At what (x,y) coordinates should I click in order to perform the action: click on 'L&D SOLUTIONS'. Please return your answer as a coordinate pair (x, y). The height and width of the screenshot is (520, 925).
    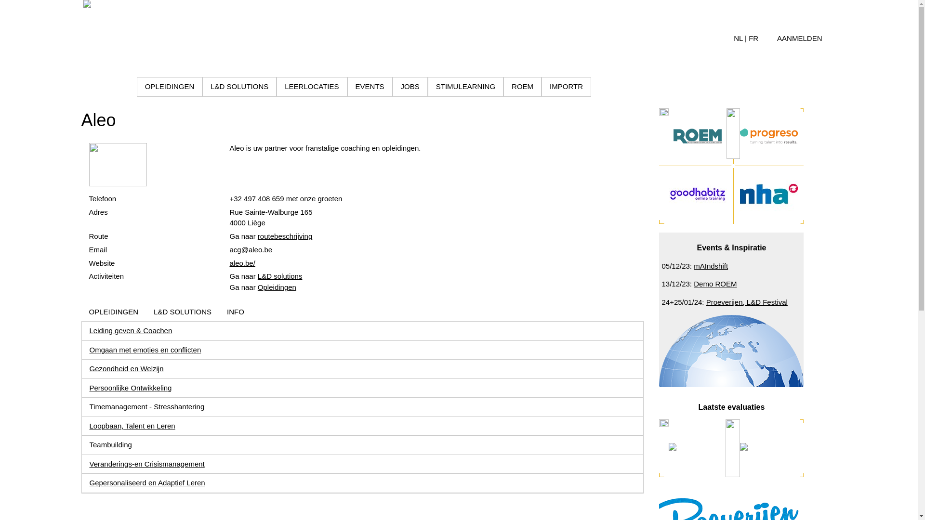
    Looking at the image, I should click on (183, 312).